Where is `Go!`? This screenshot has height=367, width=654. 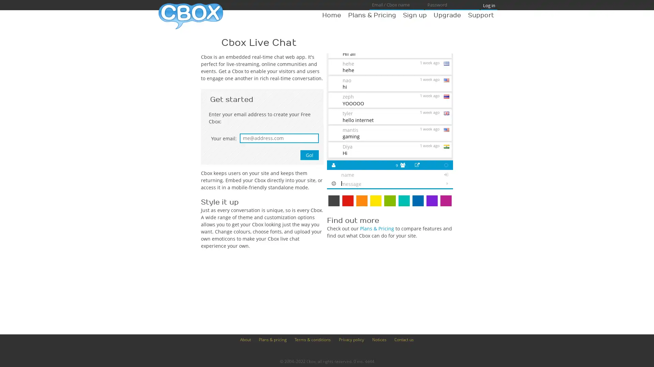 Go! is located at coordinates (309, 155).